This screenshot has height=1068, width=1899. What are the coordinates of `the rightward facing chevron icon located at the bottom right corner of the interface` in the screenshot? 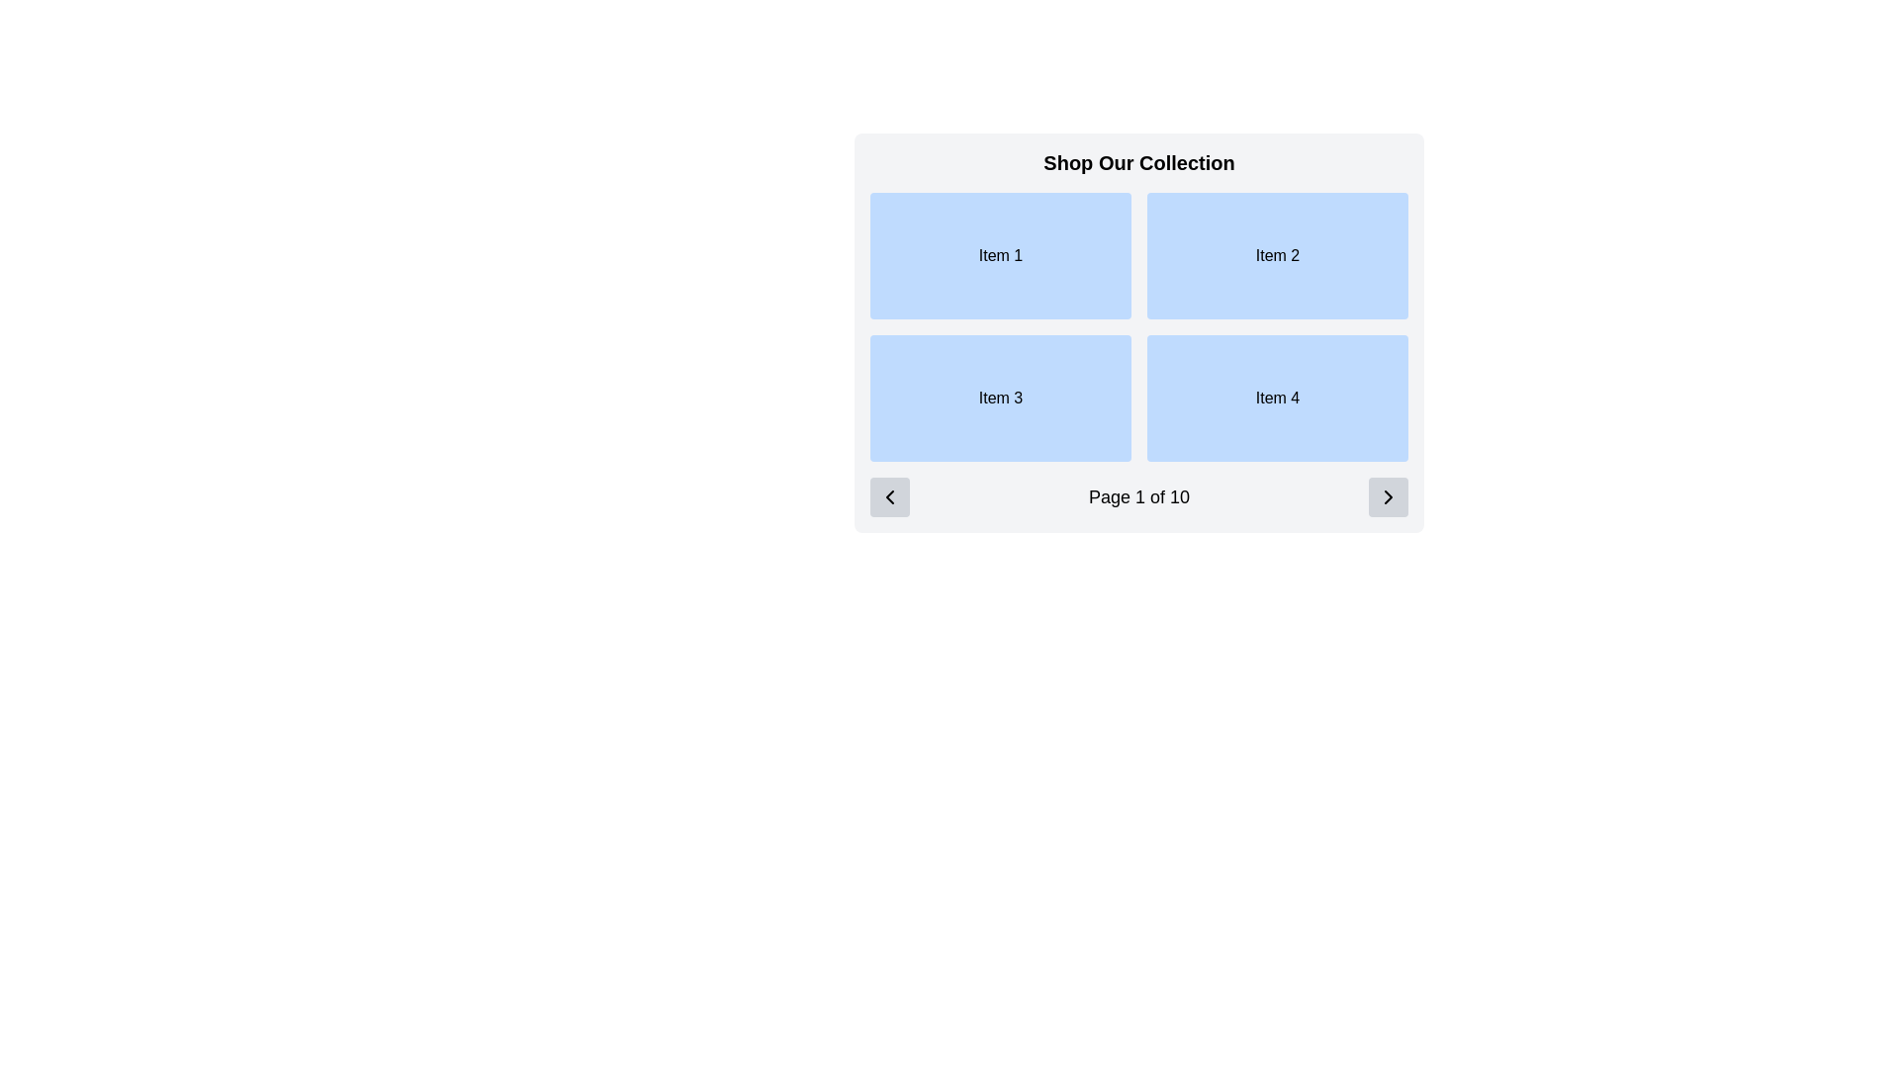 It's located at (1387, 495).